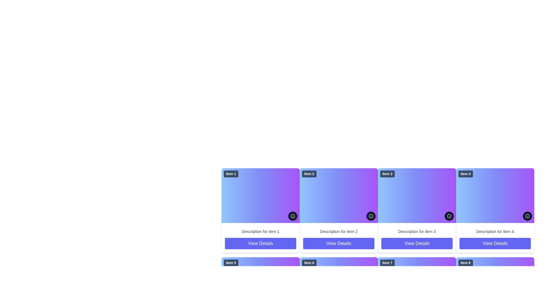  I want to click on the 'Item 8' label, which is a small rectangular label with rounded corners and a semi-transparent dark gray background, located at the top-left corner of its gradient-colored card, so click(466, 263).